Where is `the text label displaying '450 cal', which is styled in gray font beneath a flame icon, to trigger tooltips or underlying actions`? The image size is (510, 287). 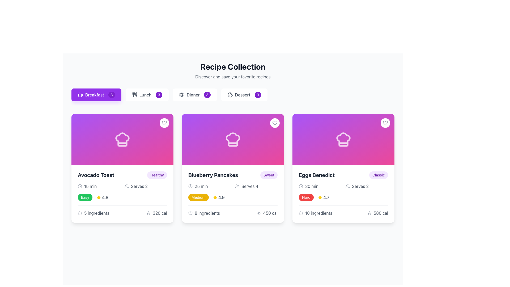 the text label displaying '450 cal', which is styled in gray font beneath a flame icon, to trigger tooltips or underlying actions is located at coordinates (270, 213).